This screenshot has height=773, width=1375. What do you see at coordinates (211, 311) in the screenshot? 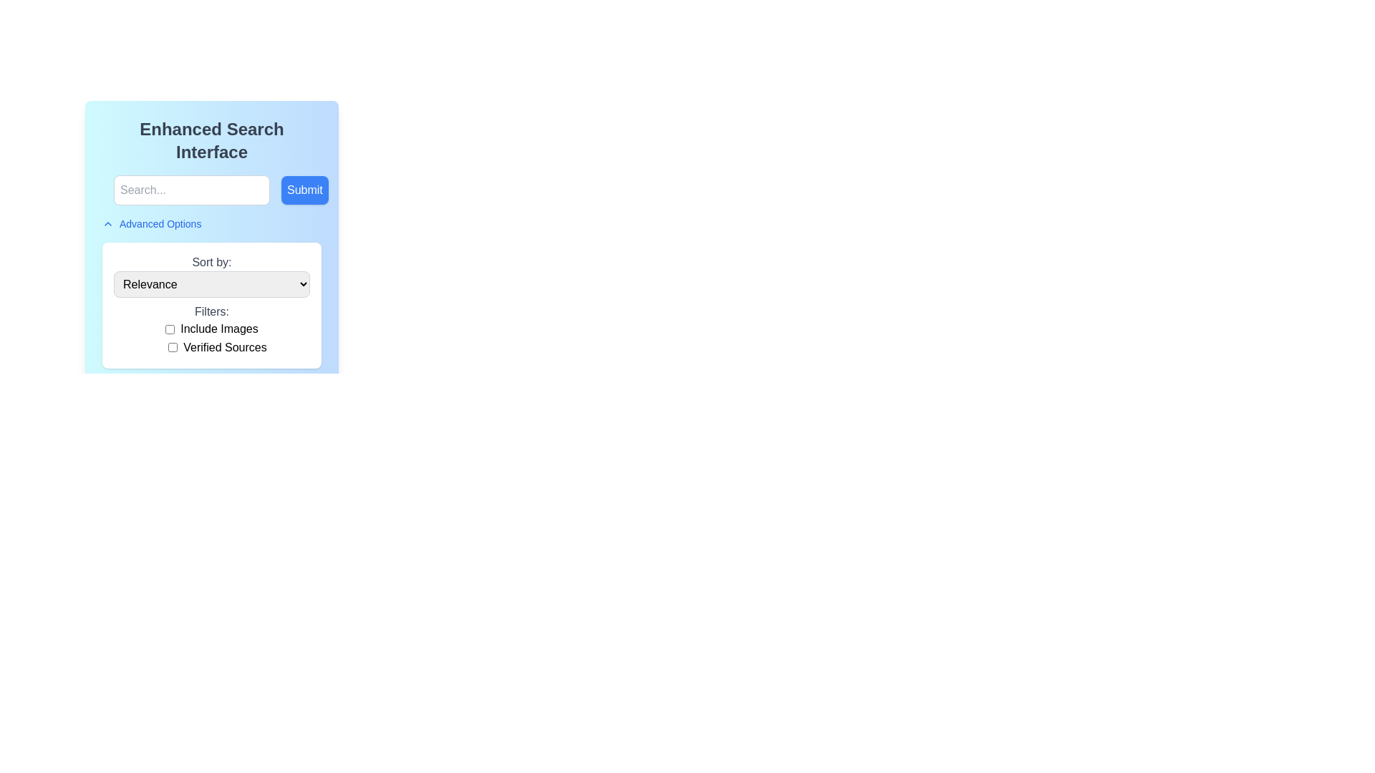
I see `the Text Label that serves as a header for the filter options, located above the checkboxes 'Include Images' and 'Verified Sources'` at bounding box center [211, 311].